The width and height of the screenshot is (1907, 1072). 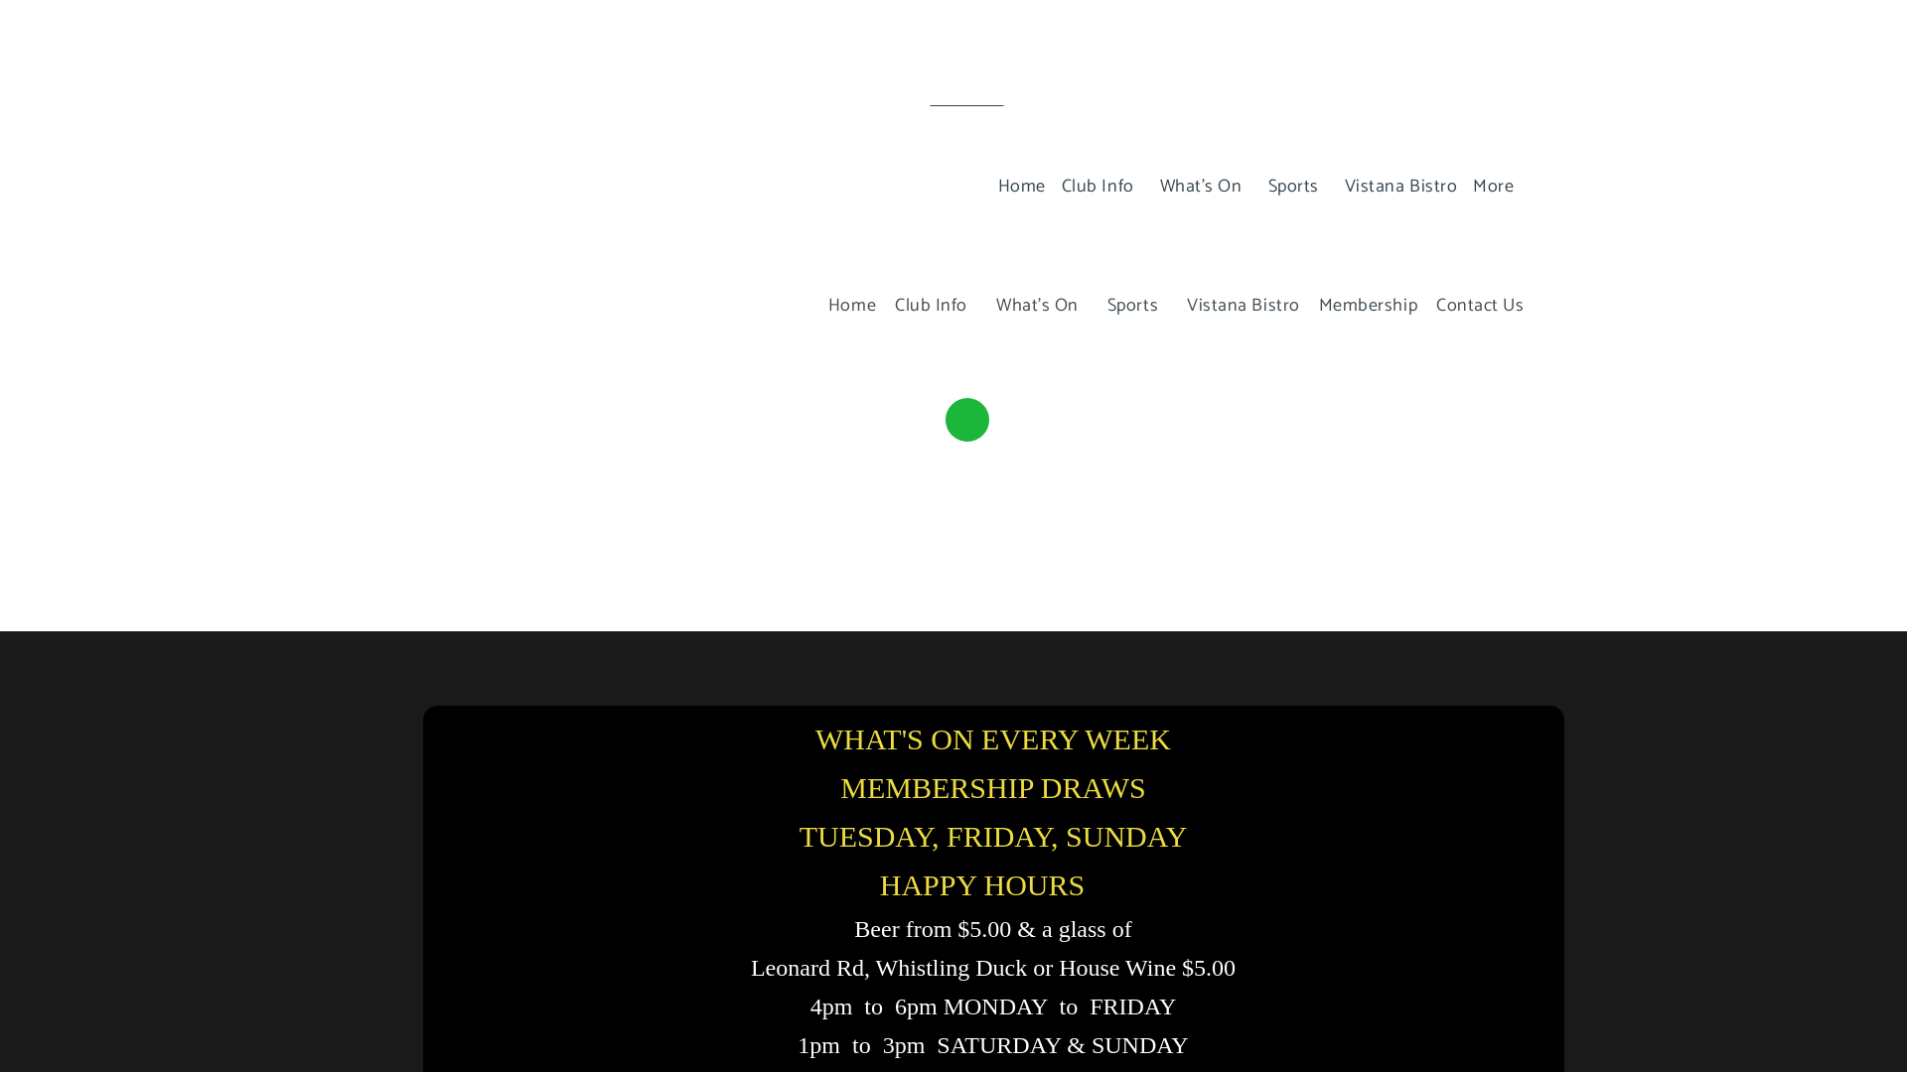 What do you see at coordinates (1094, 187) in the screenshot?
I see `'Club Info'` at bounding box center [1094, 187].